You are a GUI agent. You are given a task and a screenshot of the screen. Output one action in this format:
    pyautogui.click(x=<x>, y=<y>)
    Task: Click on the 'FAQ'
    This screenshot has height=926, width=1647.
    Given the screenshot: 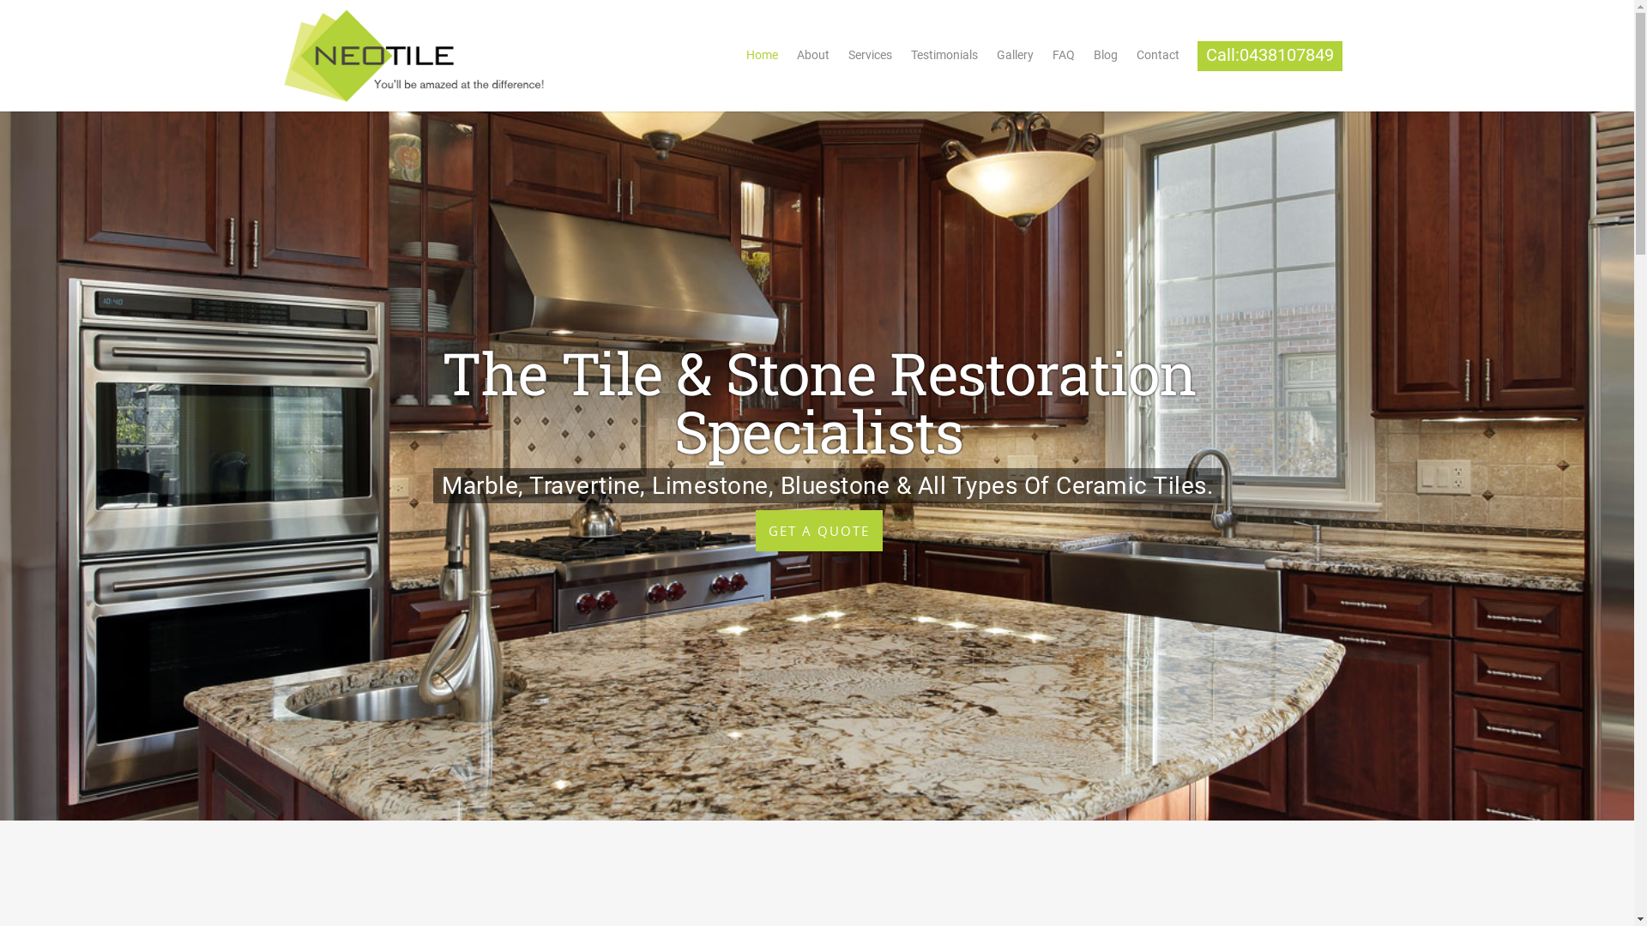 What is the action you would take?
    pyautogui.click(x=1062, y=58)
    